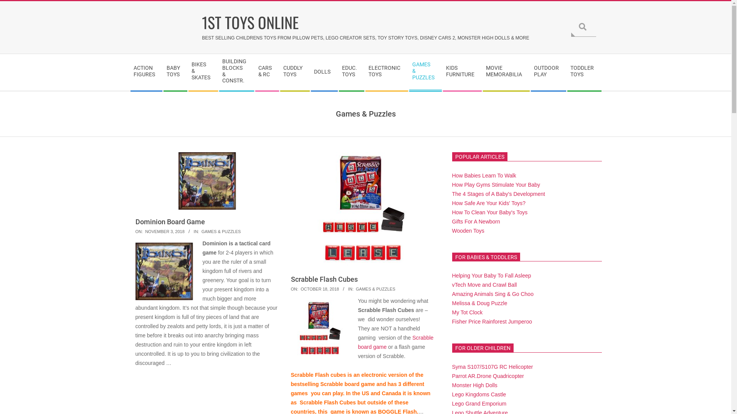 The width and height of the screenshot is (737, 414). What do you see at coordinates (492, 366) in the screenshot?
I see `'Syma S107/S107G RC Helicopter'` at bounding box center [492, 366].